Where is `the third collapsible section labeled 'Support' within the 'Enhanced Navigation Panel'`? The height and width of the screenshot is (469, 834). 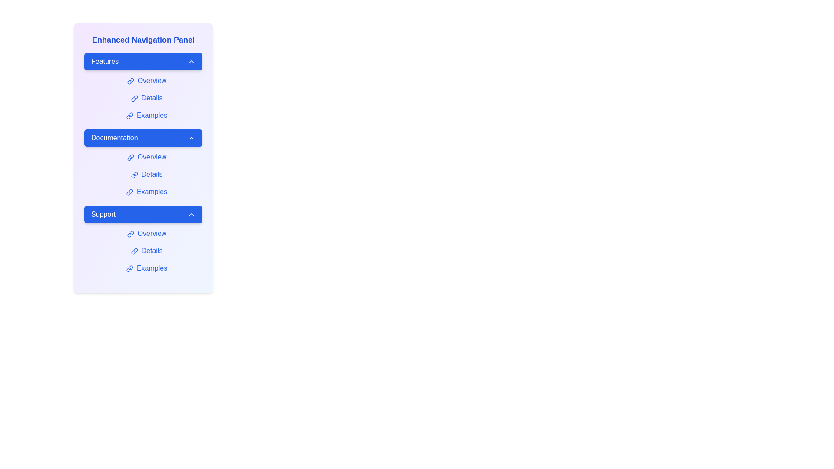 the third collapsible section labeled 'Support' within the 'Enhanced Navigation Panel' is located at coordinates (143, 241).